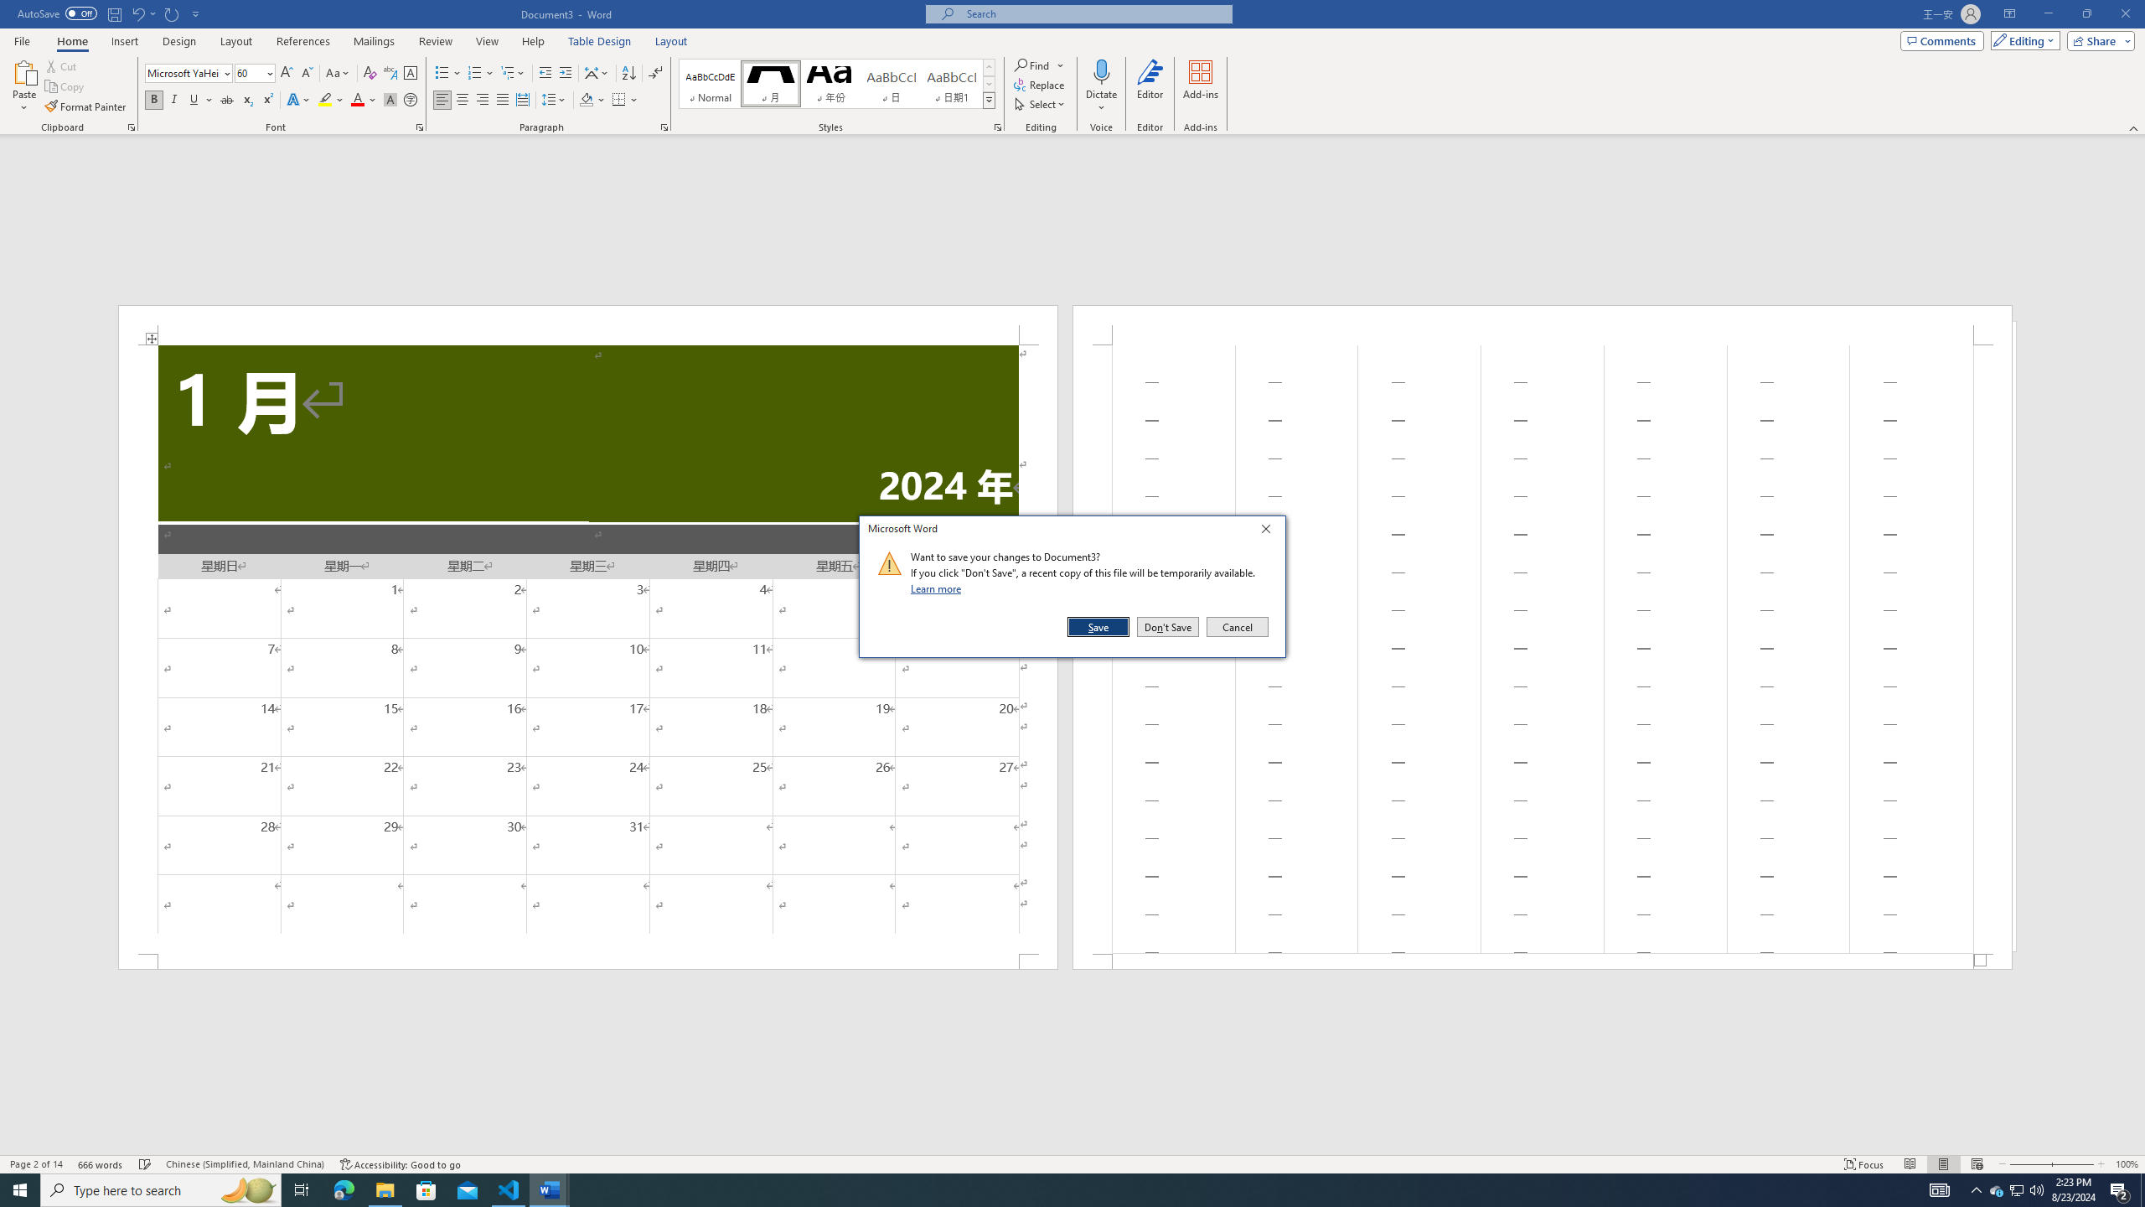  What do you see at coordinates (172, 13) in the screenshot?
I see `'Repeat Style'` at bounding box center [172, 13].